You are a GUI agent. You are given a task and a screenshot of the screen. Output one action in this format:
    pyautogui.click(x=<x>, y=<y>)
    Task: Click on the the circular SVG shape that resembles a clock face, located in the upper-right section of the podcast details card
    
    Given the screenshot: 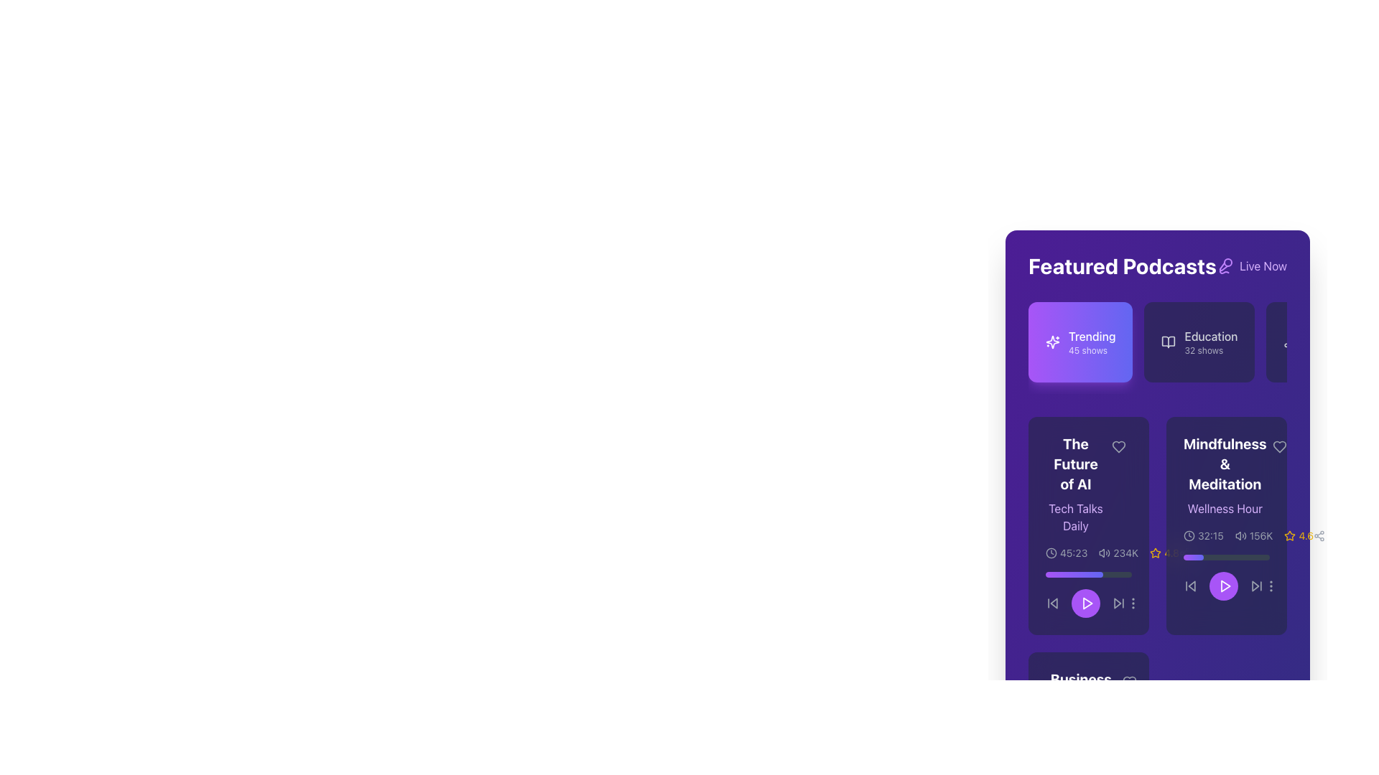 What is the action you would take?
    pyautogui.click(x=1189, y=536)
    